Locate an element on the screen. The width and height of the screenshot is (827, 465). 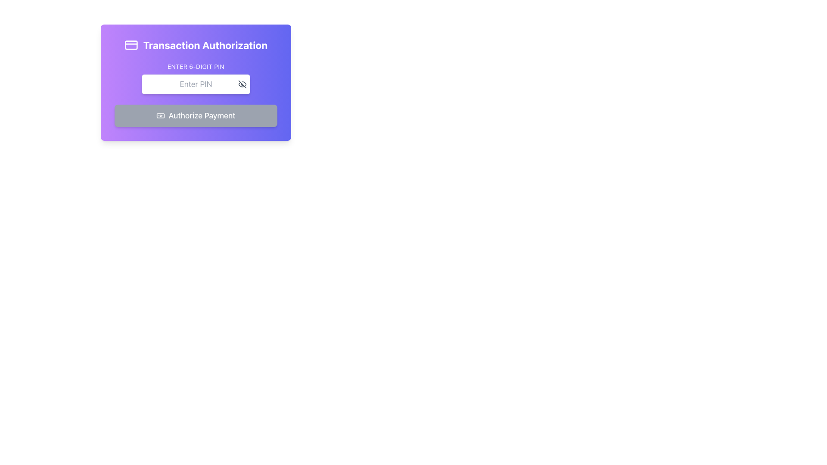
the icon button located on the right side of the PIN input field is located at coordinates (242, 84).